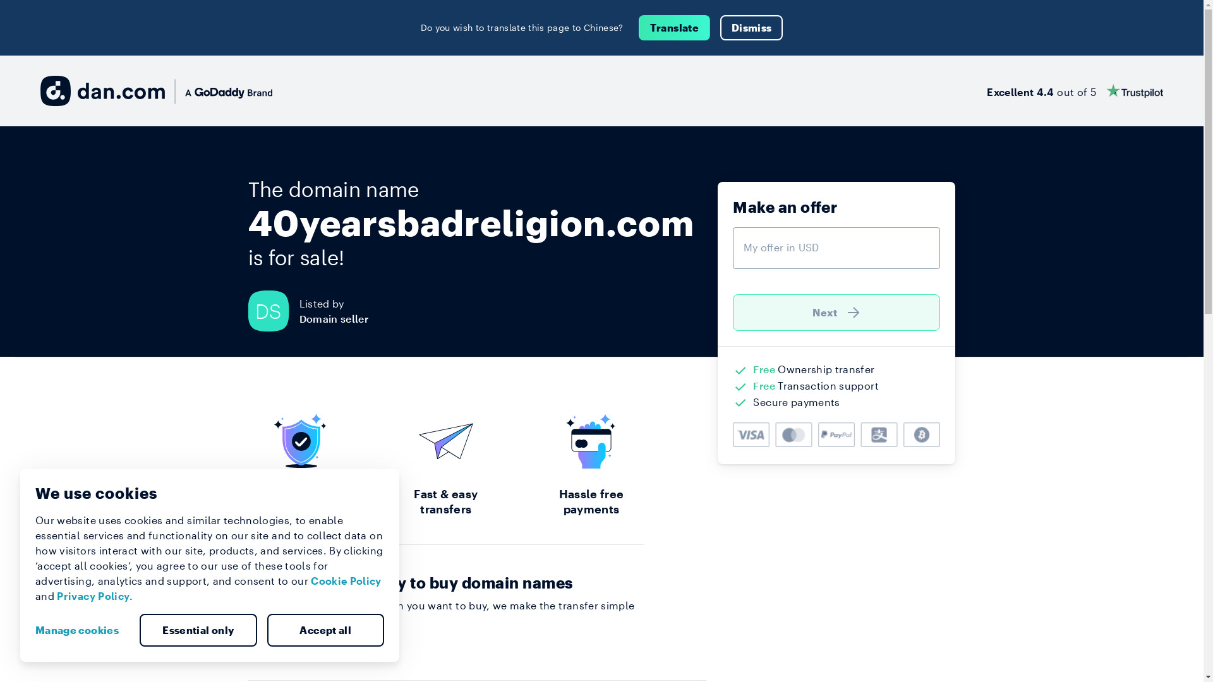 The height and width of the screenshot is (682, 1213). What do you see at coordinates (325, 630) in the screenshot?
I see `'Accept all'` at bounding box center [325, 630].